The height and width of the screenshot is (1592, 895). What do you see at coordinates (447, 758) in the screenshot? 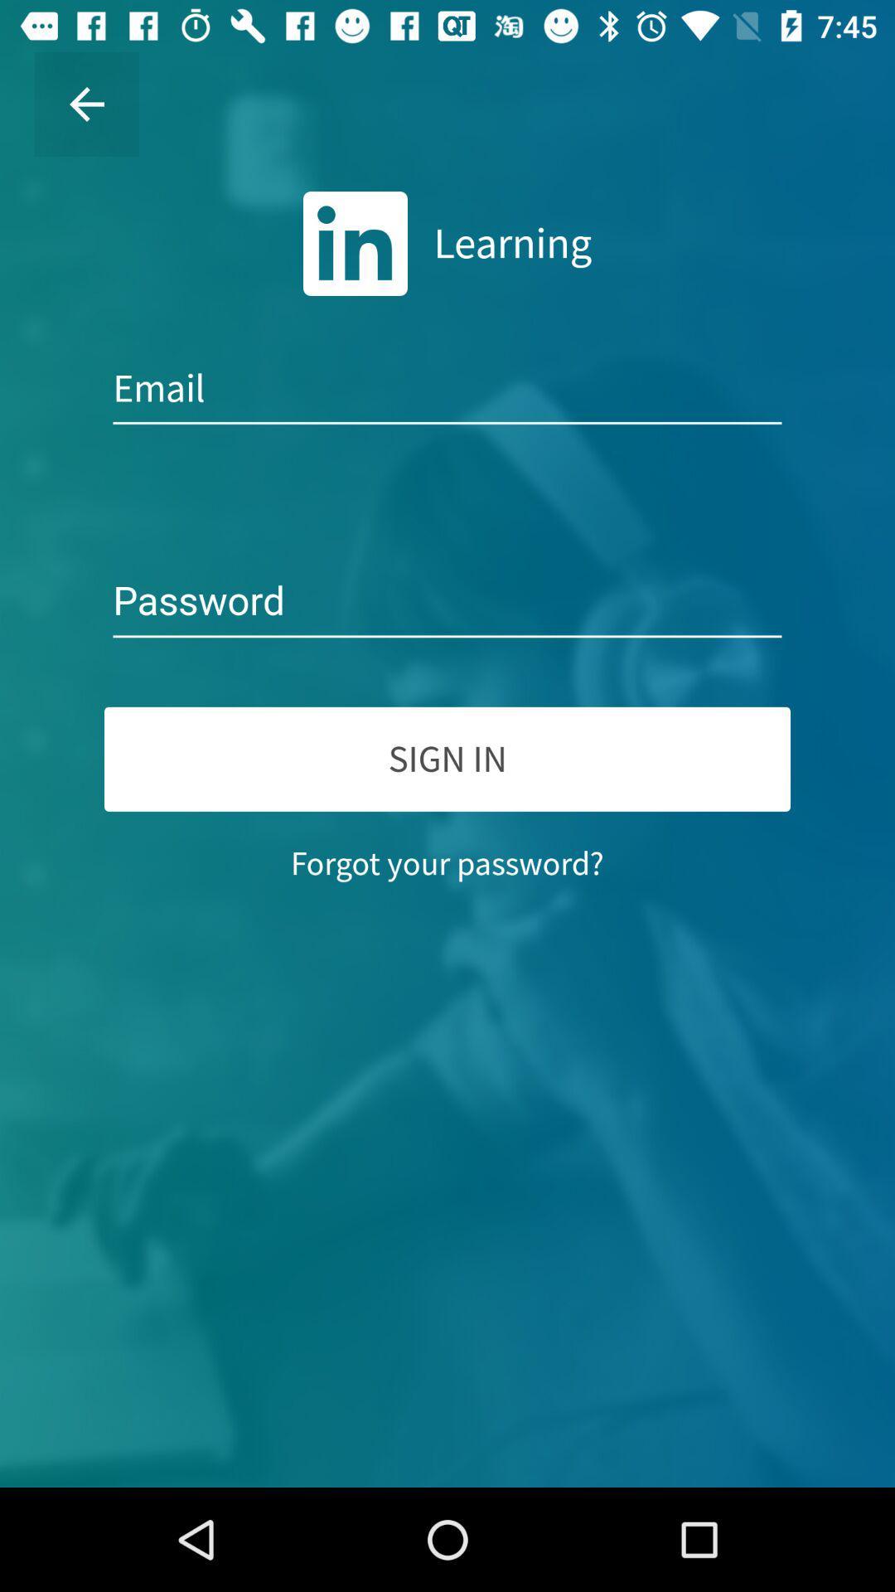
I see `the icon above the forgot your password? icon` at bounding box center [447, 758].